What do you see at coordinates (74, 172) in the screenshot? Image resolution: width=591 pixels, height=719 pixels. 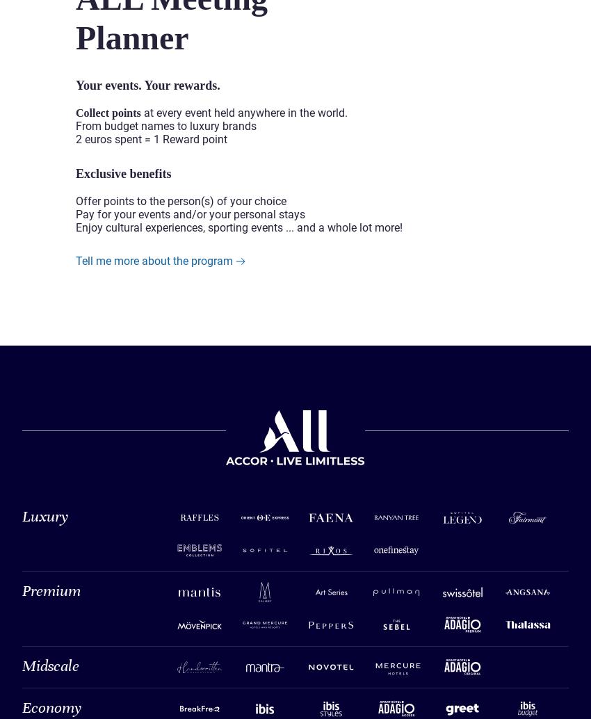 I see `'Exclusive benefits'` at bounding box center [74, 172].